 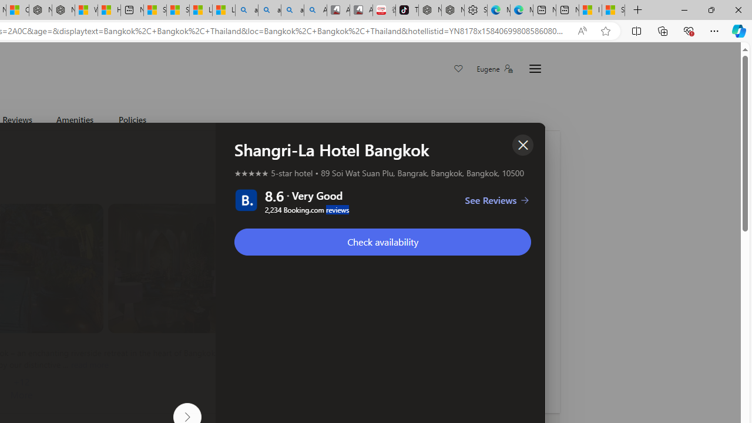 What do you see at coordinates (590, 10) in the screenshot?
I see `'I Gained 20 Pounds of Muscle in 30 Days! | Watch'` at bounding box center [590, 10].